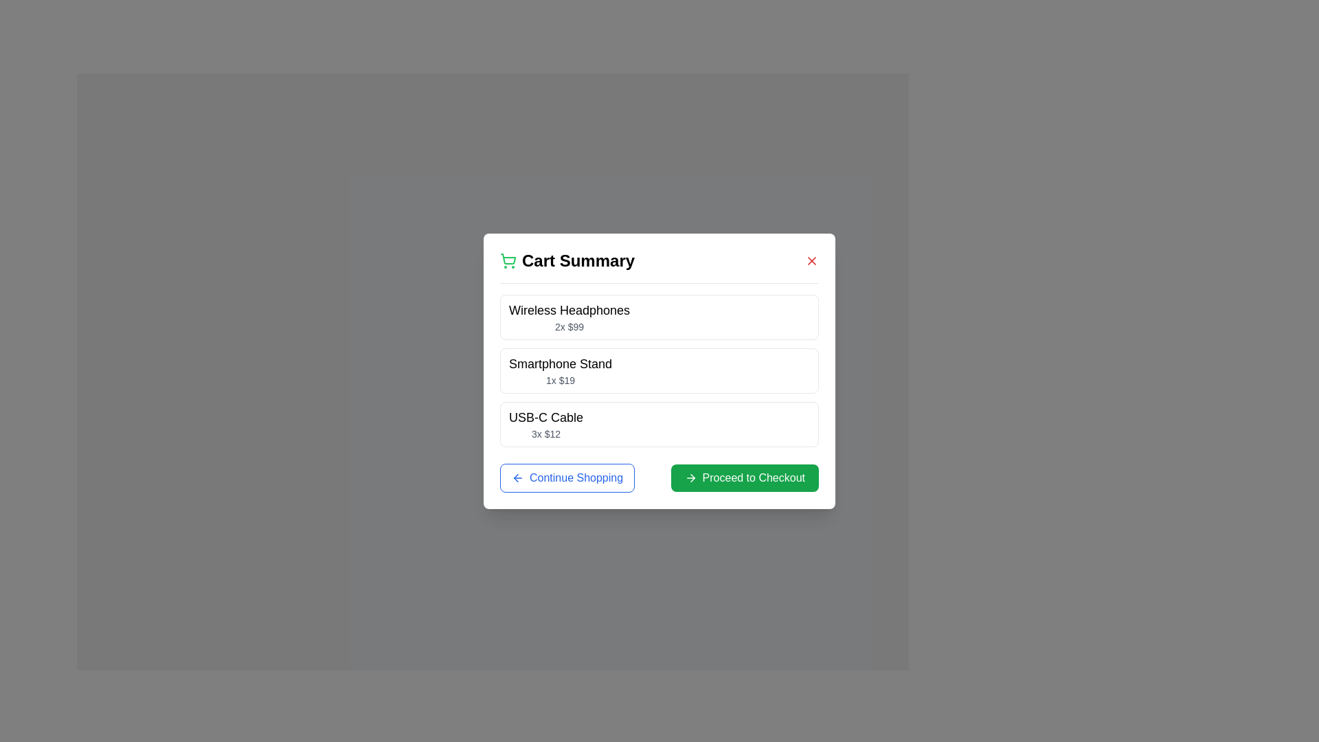 Image resolution: width=1319 pixels, height=742 pixels. Describe the element at coordinates (811, 260) in the screenshot. I see `the vibrant red 'X' icon located in the top-right corner of the 'Cart Summary' section` at that location.